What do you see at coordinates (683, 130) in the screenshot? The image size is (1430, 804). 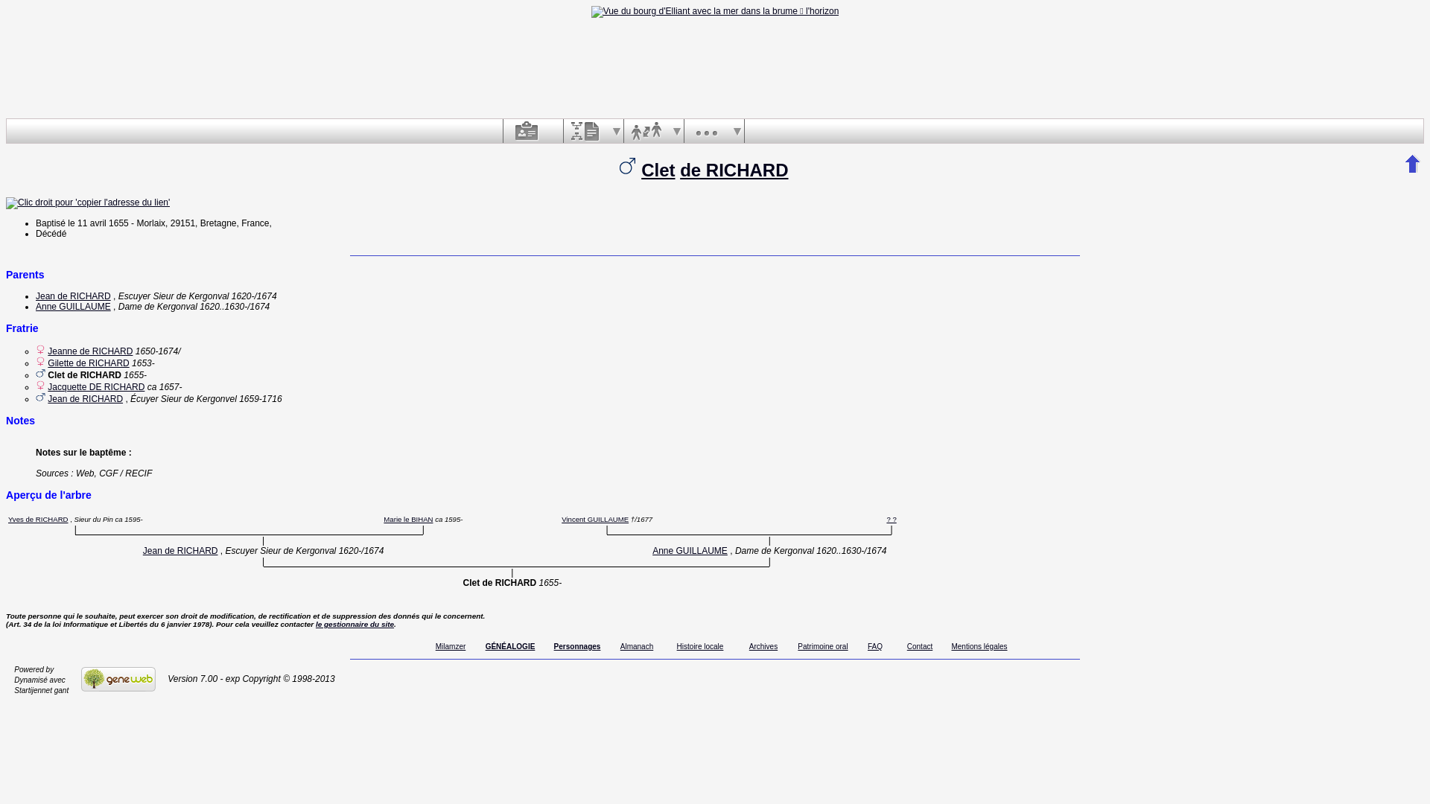 I see `'Divers'` at bounding box center [683, 130].